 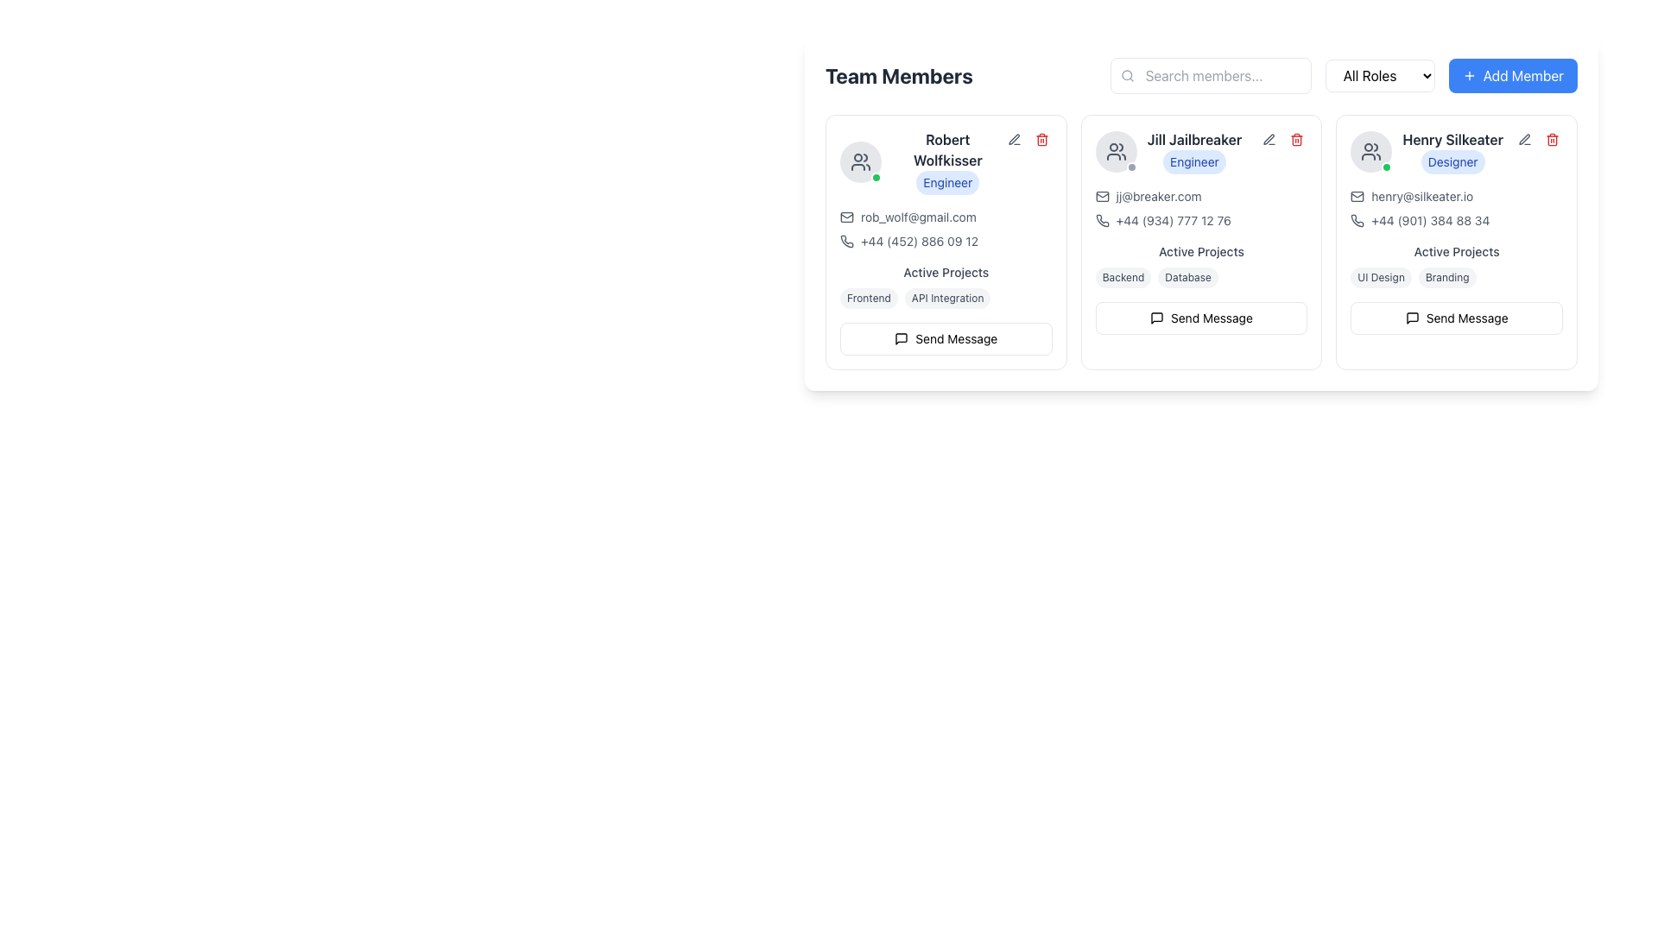 I want to click on the phone number displayed in the Information Display for Henry Silkeater to initiate a call, so click(x=1455, y=208).